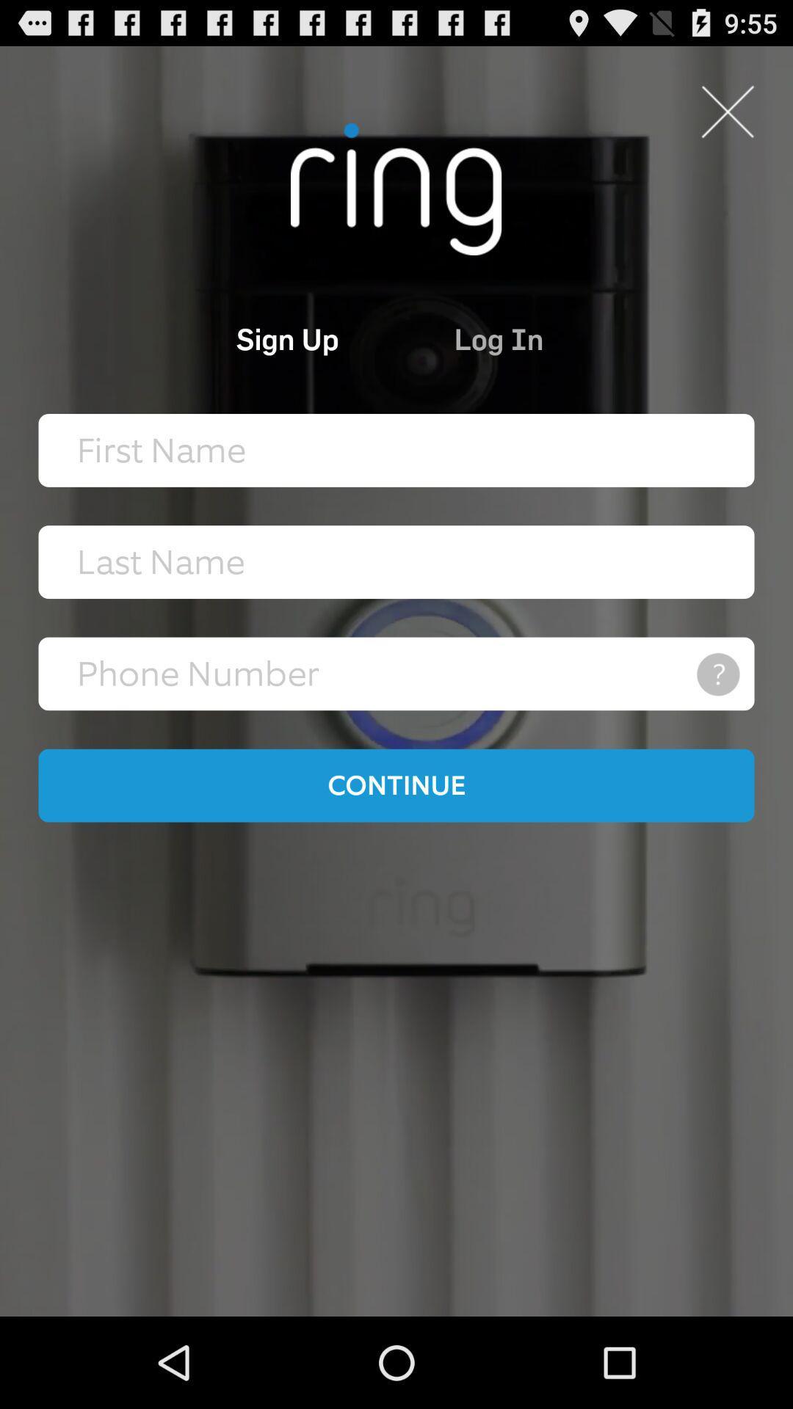 The width and height of the screenshot is (793, 1409). What do you see at coordinates (565, 338) in the screenshot?
I see `the log in icon` at bounding box center [565, 338].